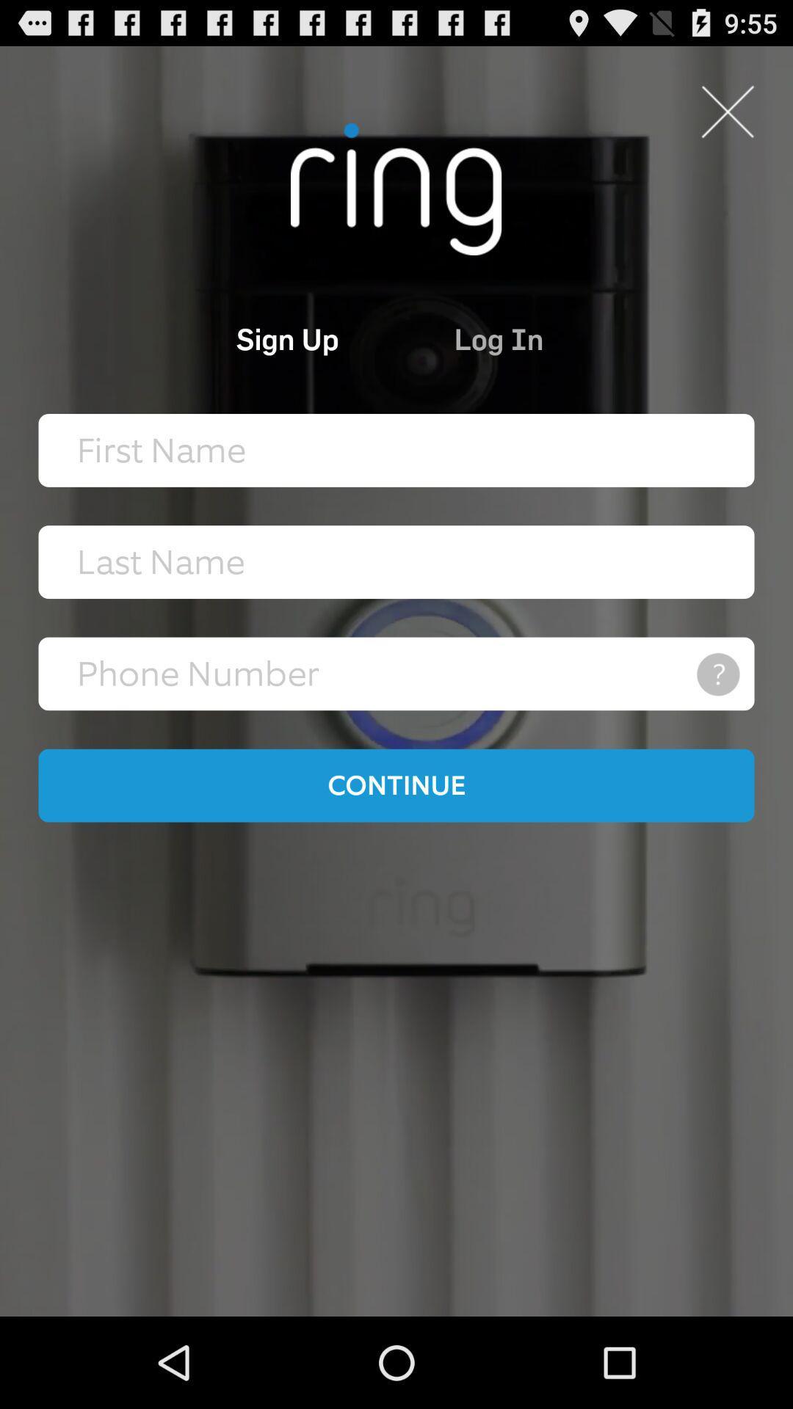 The width and height of the screenshot is (793, 1409). What do you see at coordinates (565, 338) in the screenshot?
I see `the log in icon` at bounding box center [565, 338].